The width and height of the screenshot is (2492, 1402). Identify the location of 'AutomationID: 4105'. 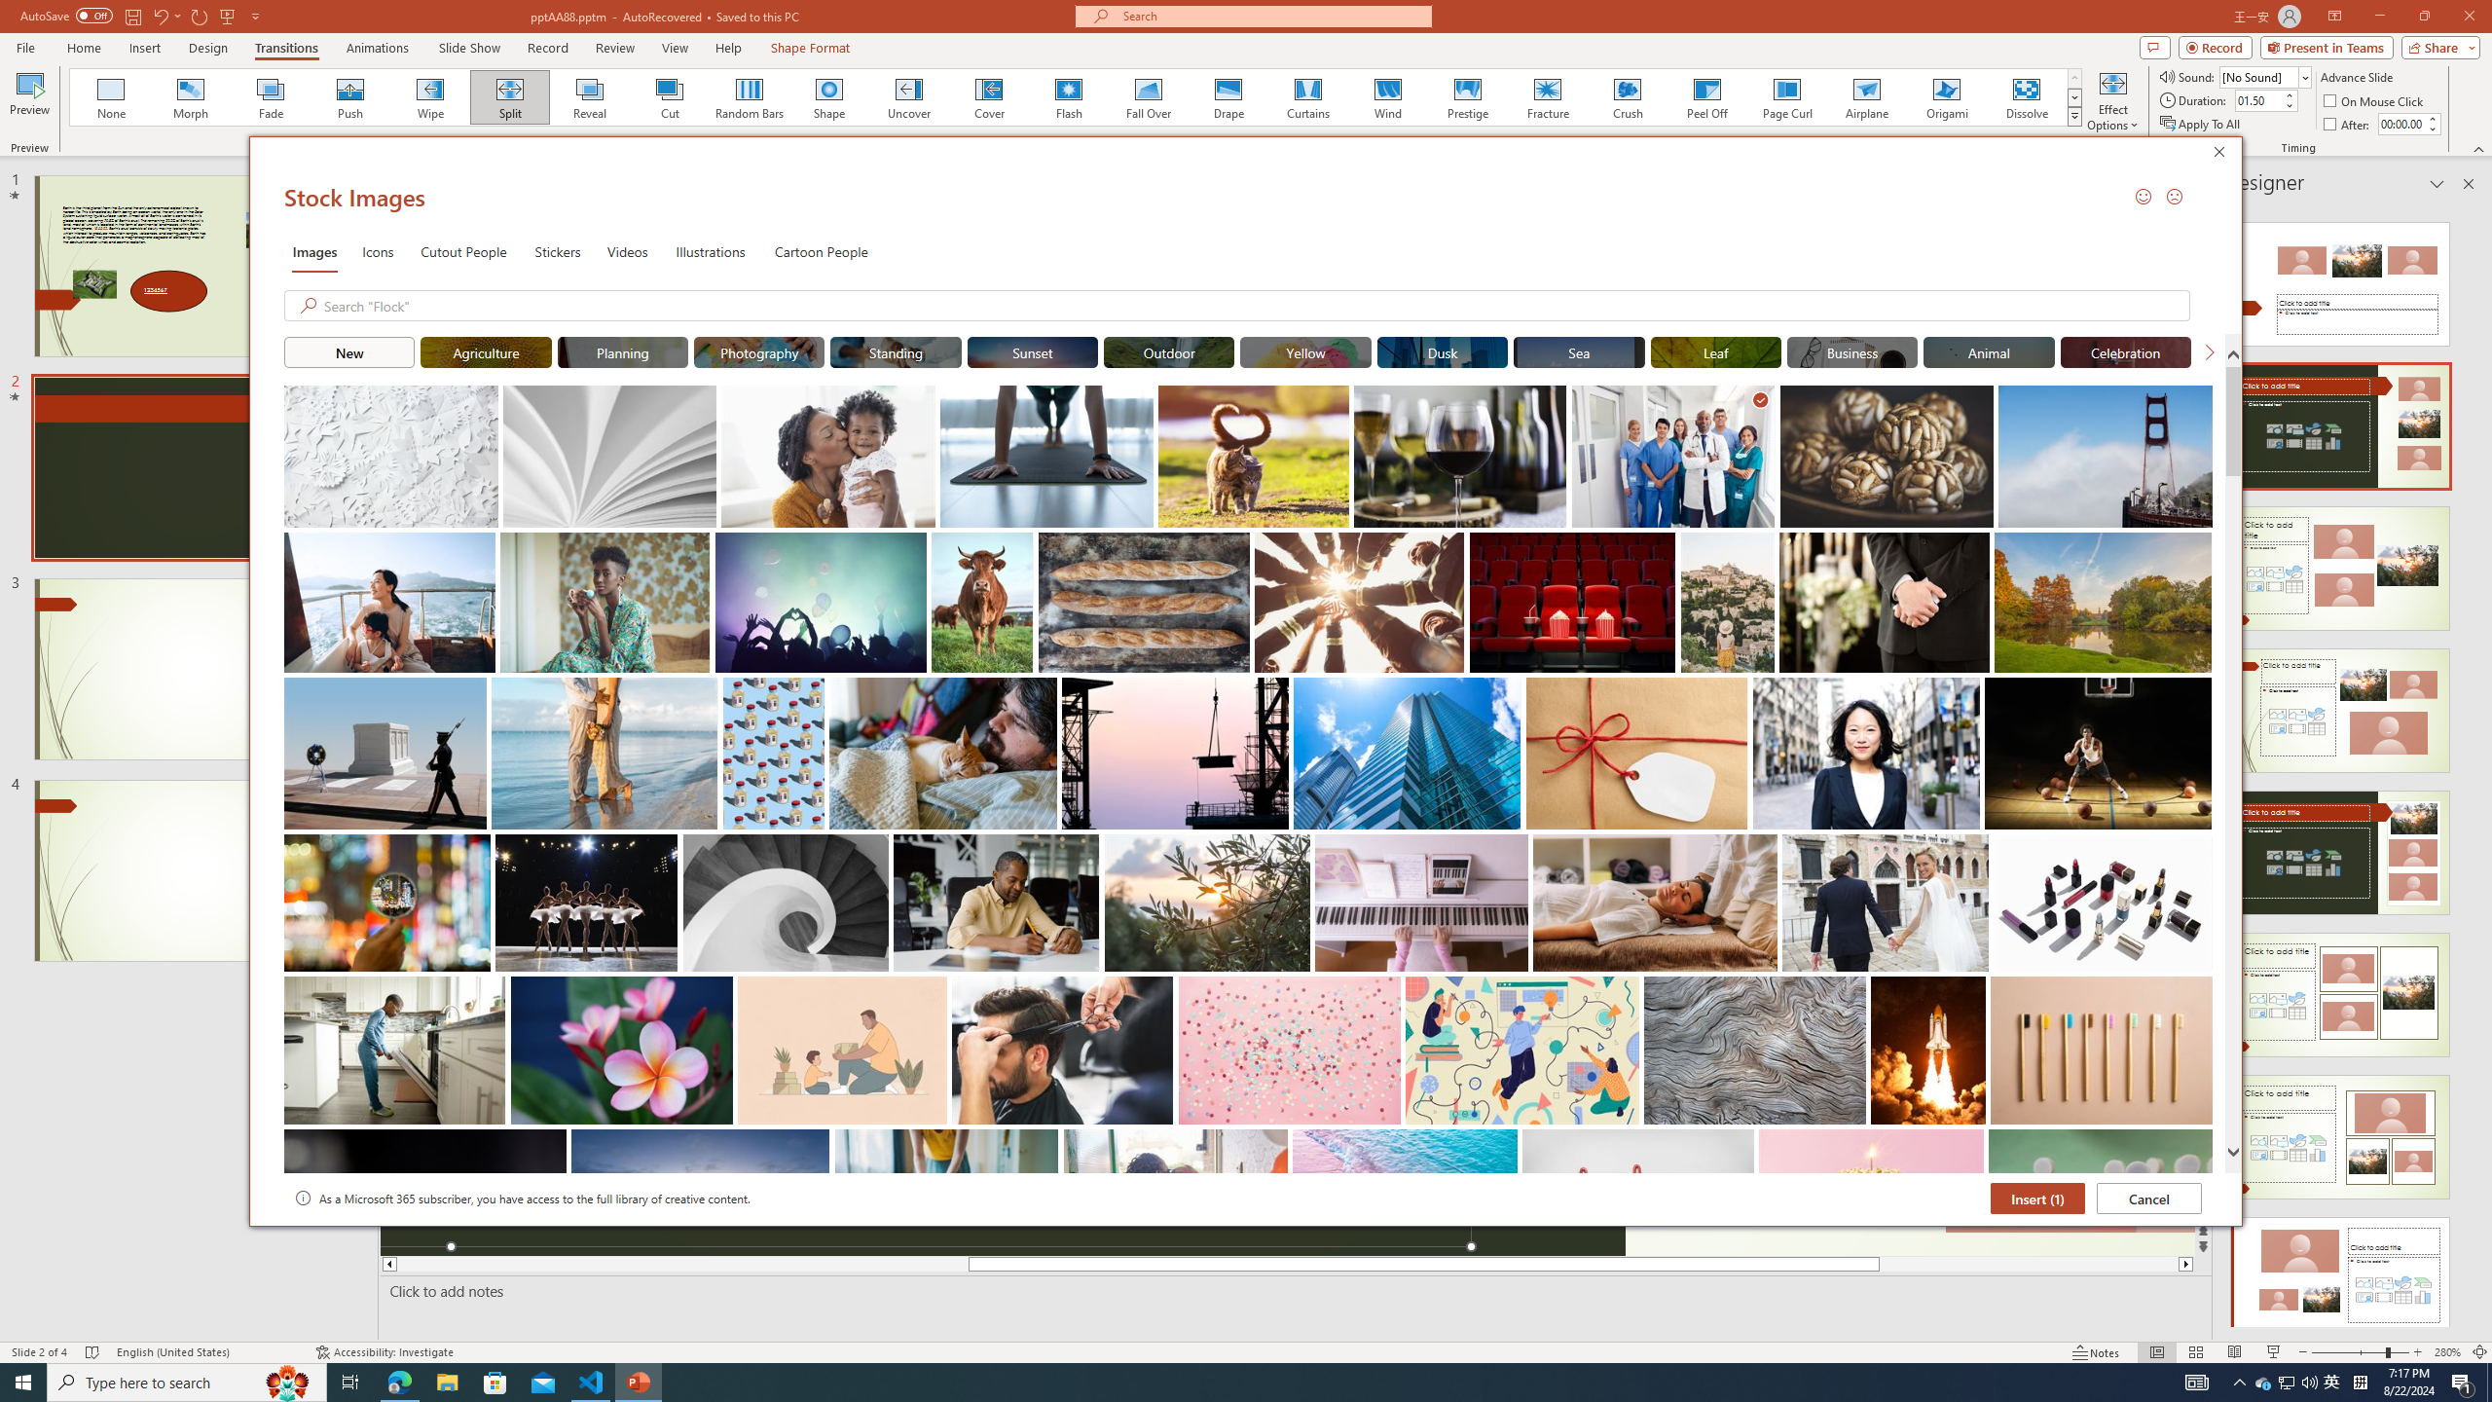
(2195, 1381).